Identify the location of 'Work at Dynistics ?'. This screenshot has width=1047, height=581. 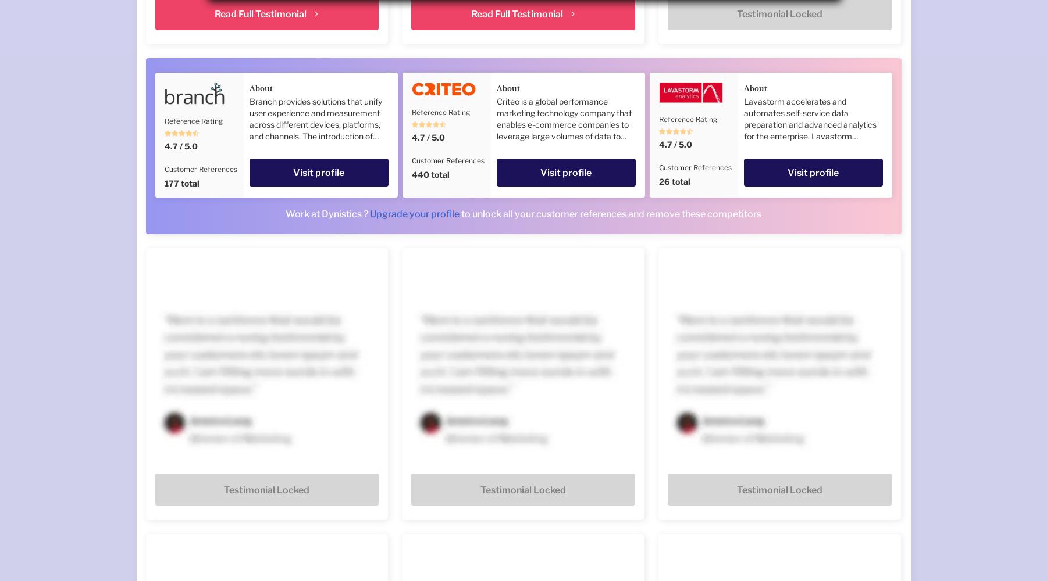
(327, 213).